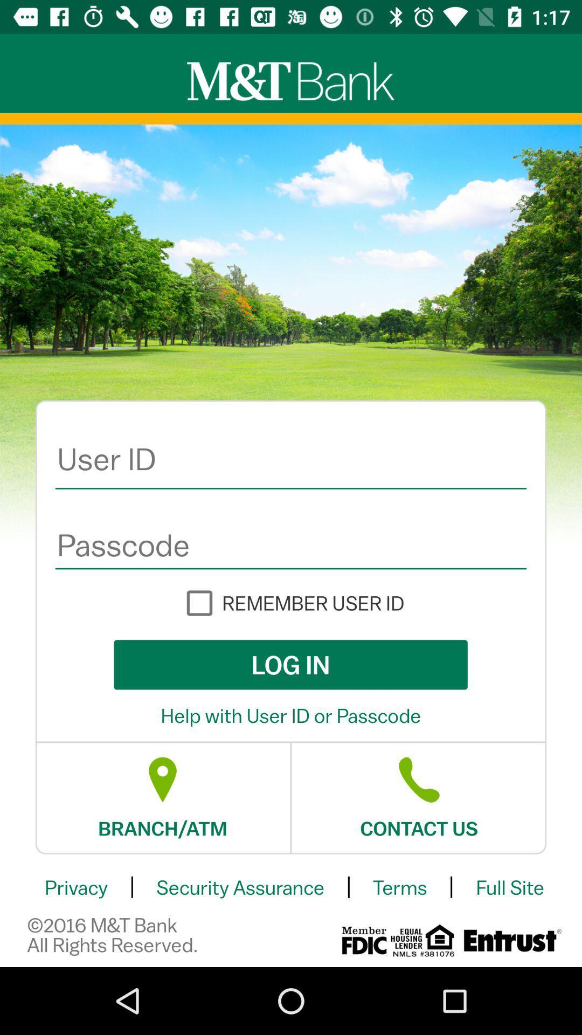 This screenshot has width=582, height=1035. I want to click on the help with user item, so click(291, 715).